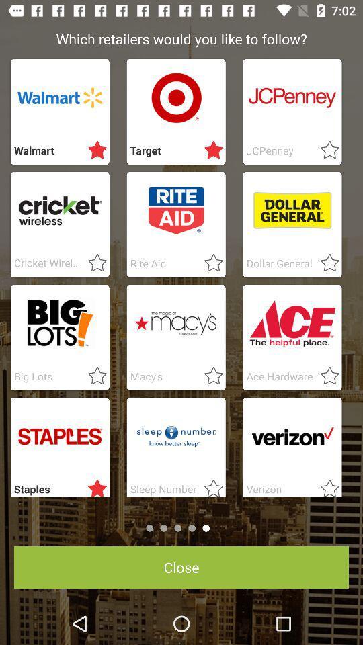 The width and height of the screenshot is (363, 645). I want to click on choice, so click(210, 485).